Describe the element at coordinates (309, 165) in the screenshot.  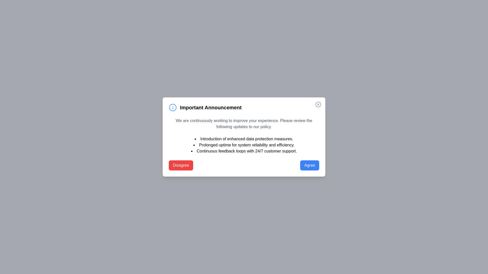
I see `the 'Agree' button to agree with the statement` at that location.